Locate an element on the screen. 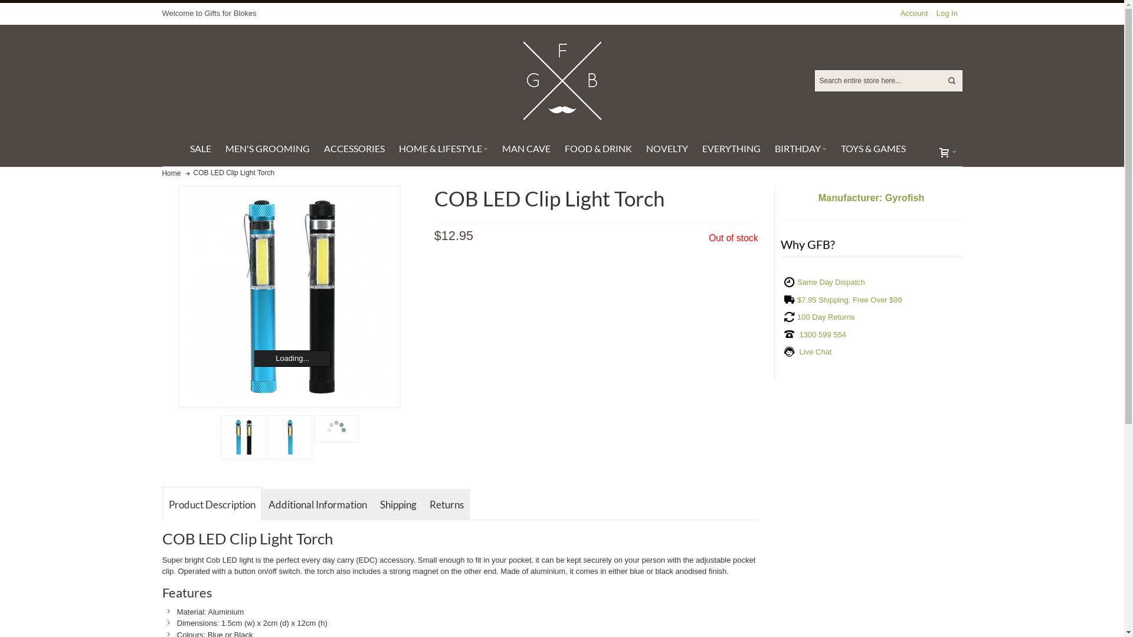  'ACCESSORIES' is located at coordinates (353, 147).